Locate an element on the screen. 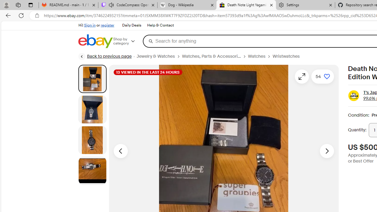 This screenshot has width=377, height=212. 'Picture 3 of 4' is located at coordinates (92, 140).